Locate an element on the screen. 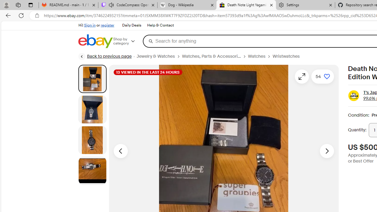 This screenshot has width=377, height=212. 'Picture 3 of 4' is located at coordinates (92, 140).